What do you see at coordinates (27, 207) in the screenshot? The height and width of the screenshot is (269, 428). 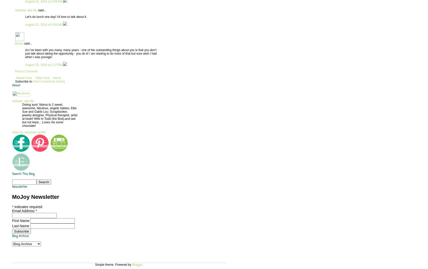 I see `'indicates required'` at bounding box center [27, 207].